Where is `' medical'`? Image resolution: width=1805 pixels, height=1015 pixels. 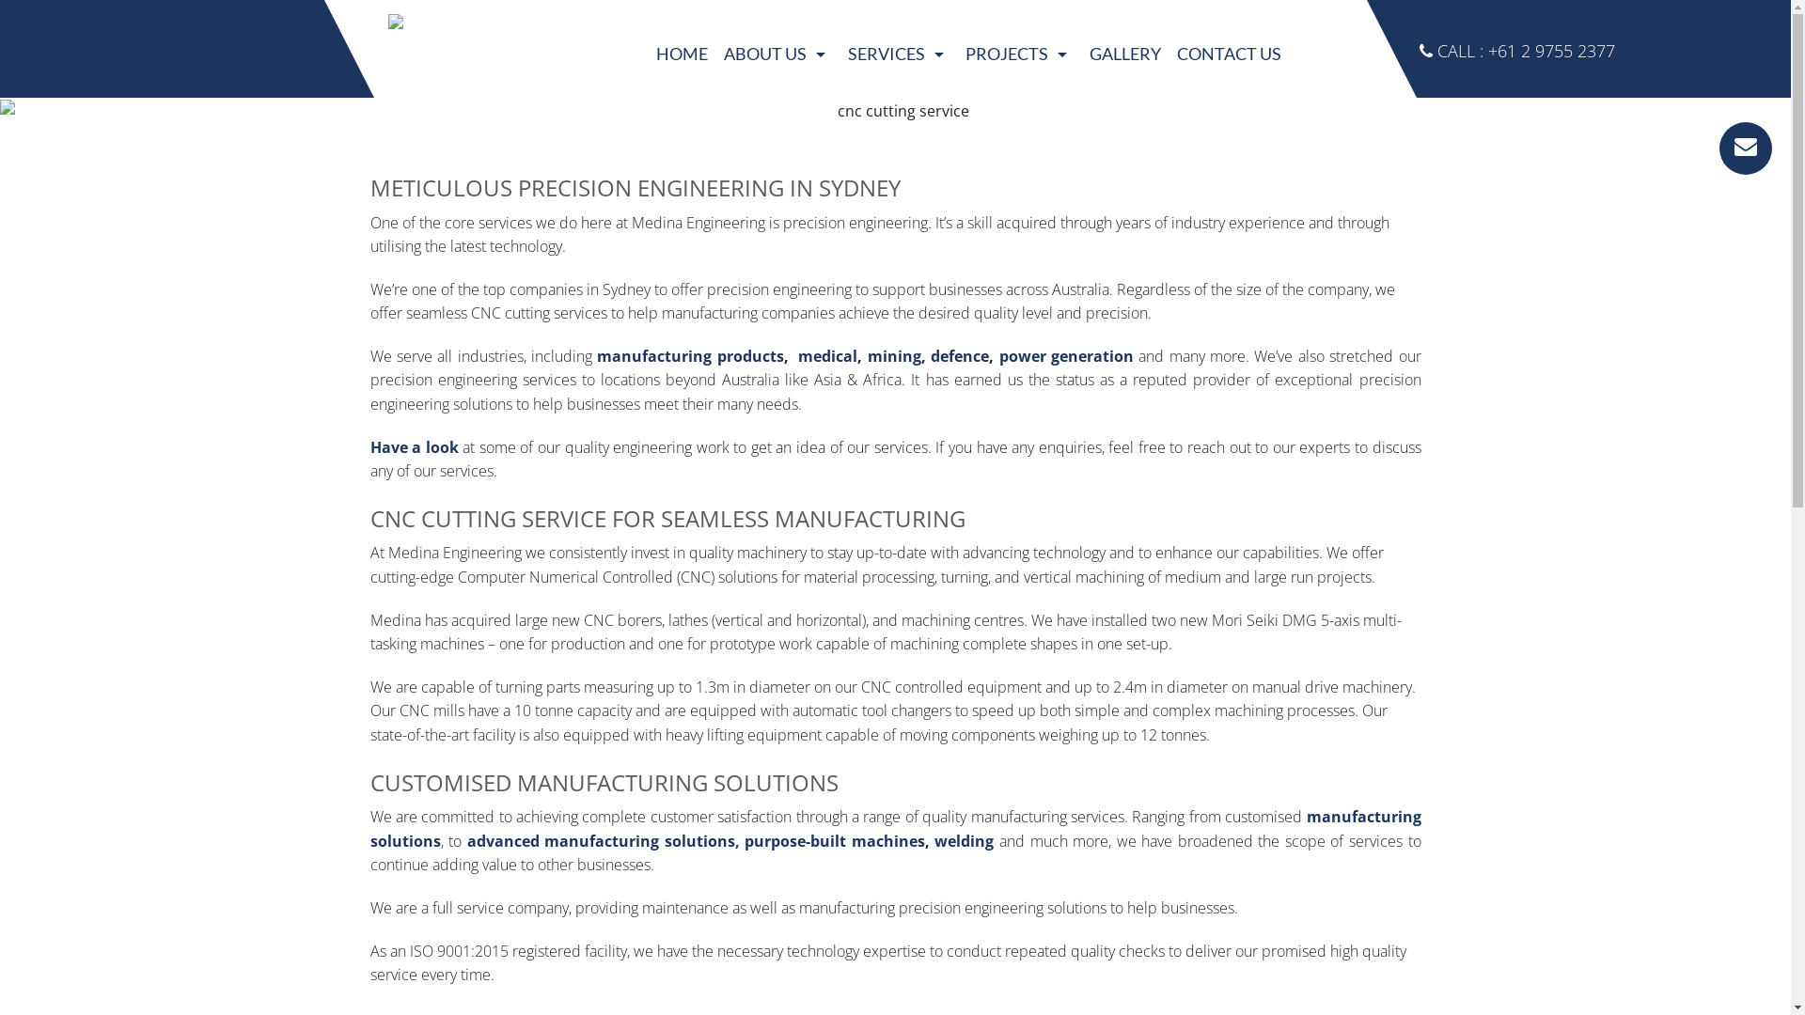
' medical' is located at coordinates (825, 355).